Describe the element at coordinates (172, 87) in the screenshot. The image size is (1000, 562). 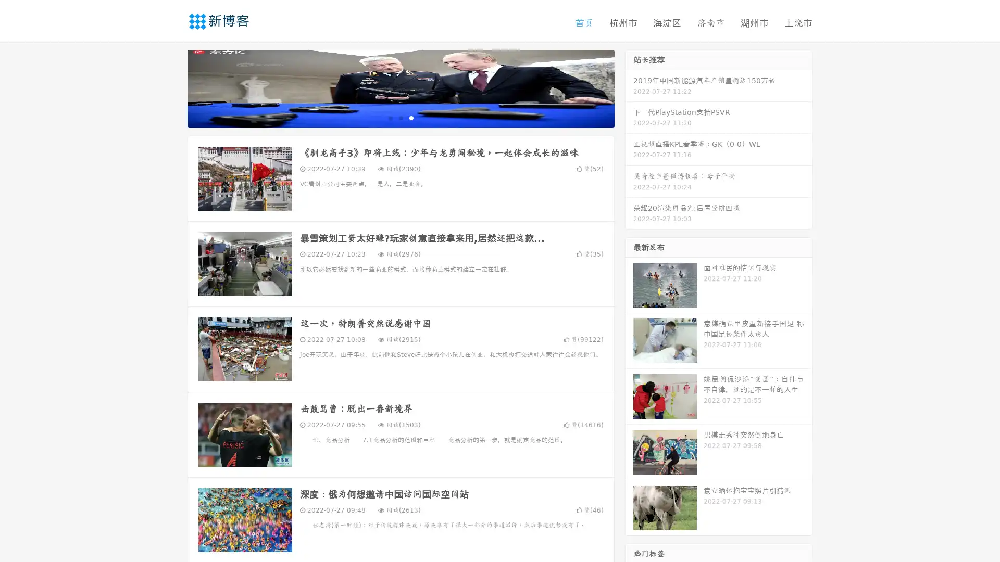
I see `Previous slide` at that location.